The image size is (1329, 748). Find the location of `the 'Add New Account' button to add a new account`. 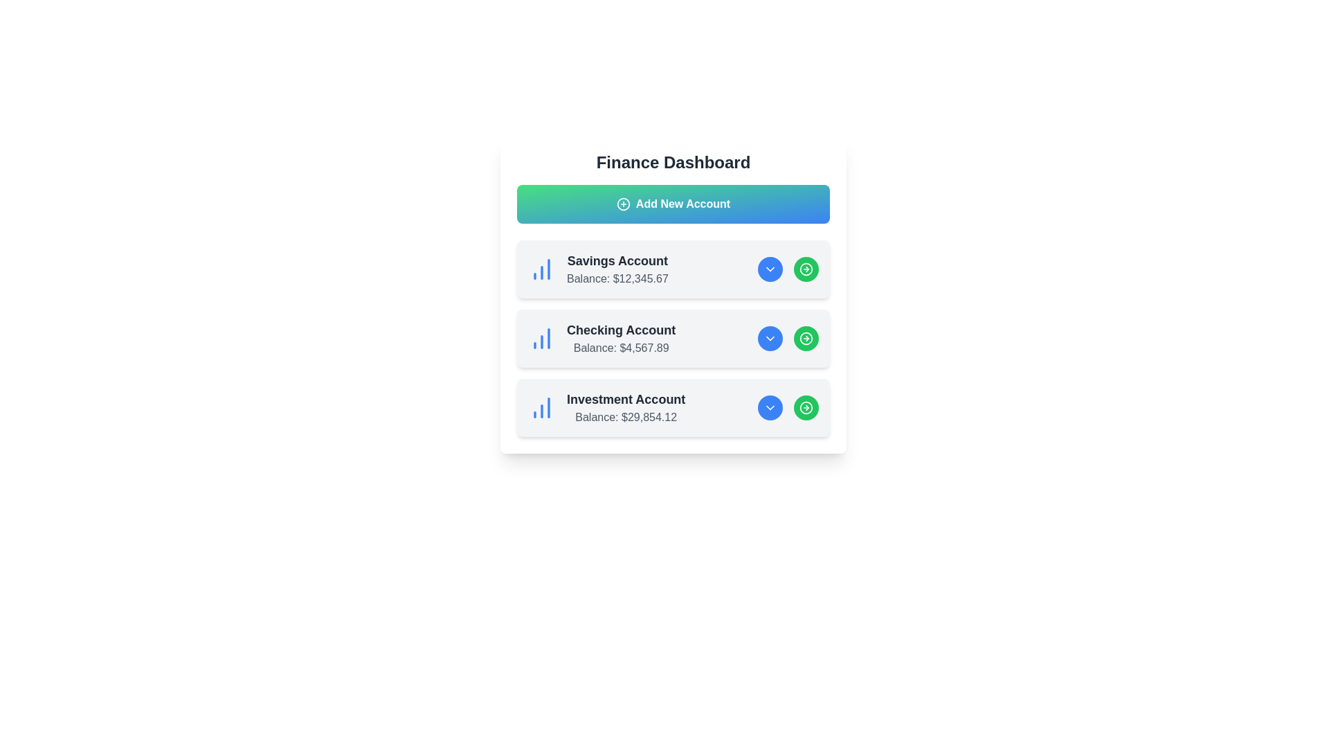

the 'Add New Account' button to add a new account is located at coordinates (673, 204).